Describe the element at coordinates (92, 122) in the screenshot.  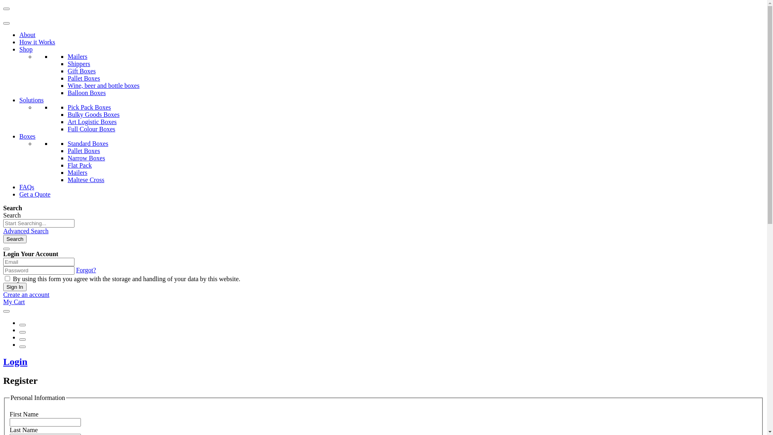
I see `'Art Logistic Boxes'` at that location.